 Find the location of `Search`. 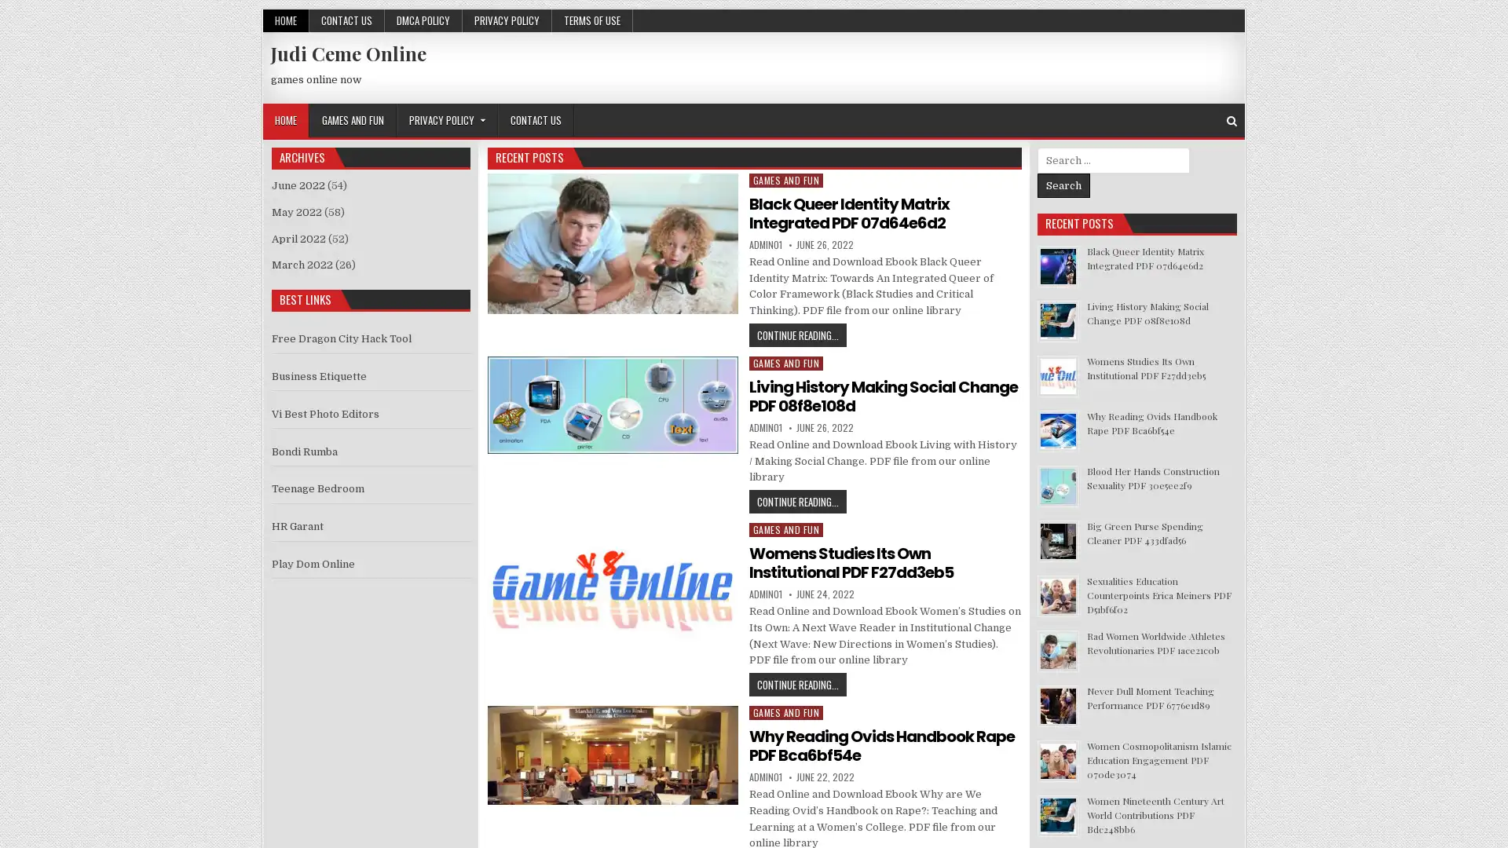

Search is located at coordinates (1063, 185).